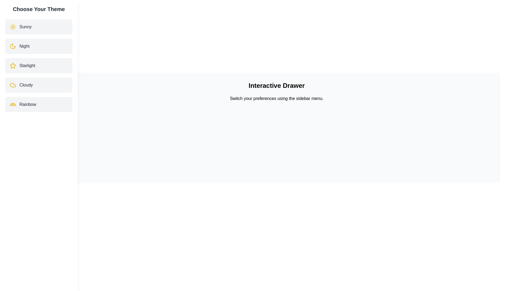  I want to click on the theme item Rainbow to observe its hover effect, so click(39, 105).